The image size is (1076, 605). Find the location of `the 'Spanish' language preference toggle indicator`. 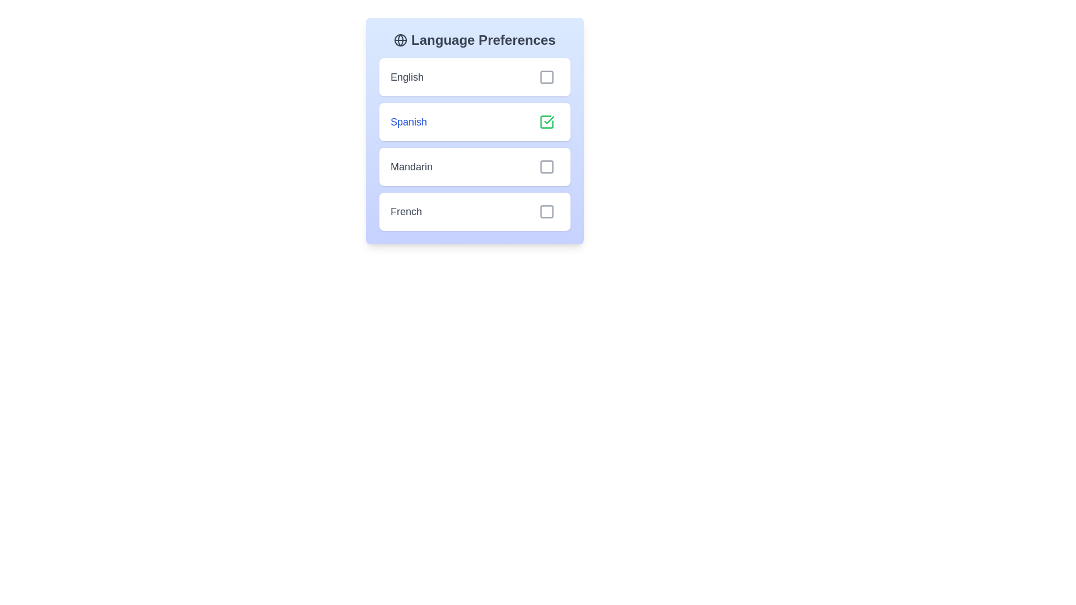

the 'Spanish' language preference toggle indicator is located at coordinates (475, 144).